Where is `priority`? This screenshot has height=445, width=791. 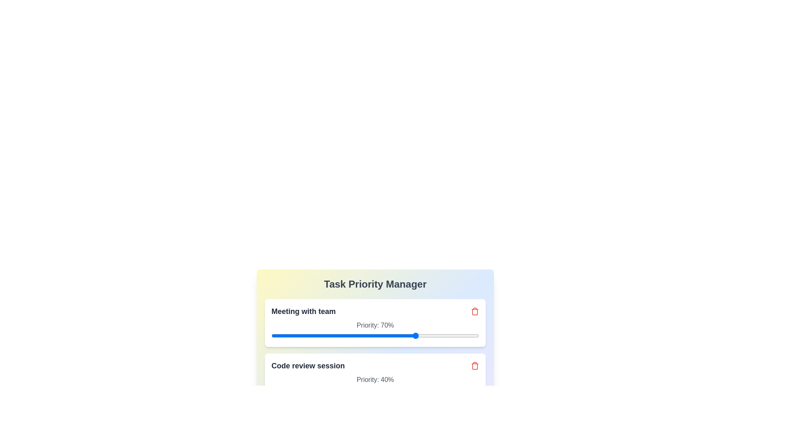 priority is located at coordinates (391, 335).